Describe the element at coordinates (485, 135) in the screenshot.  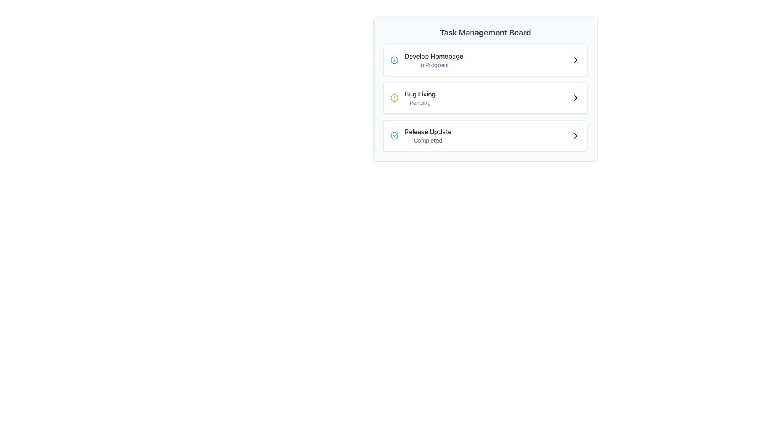
I see `the third item` at that location.